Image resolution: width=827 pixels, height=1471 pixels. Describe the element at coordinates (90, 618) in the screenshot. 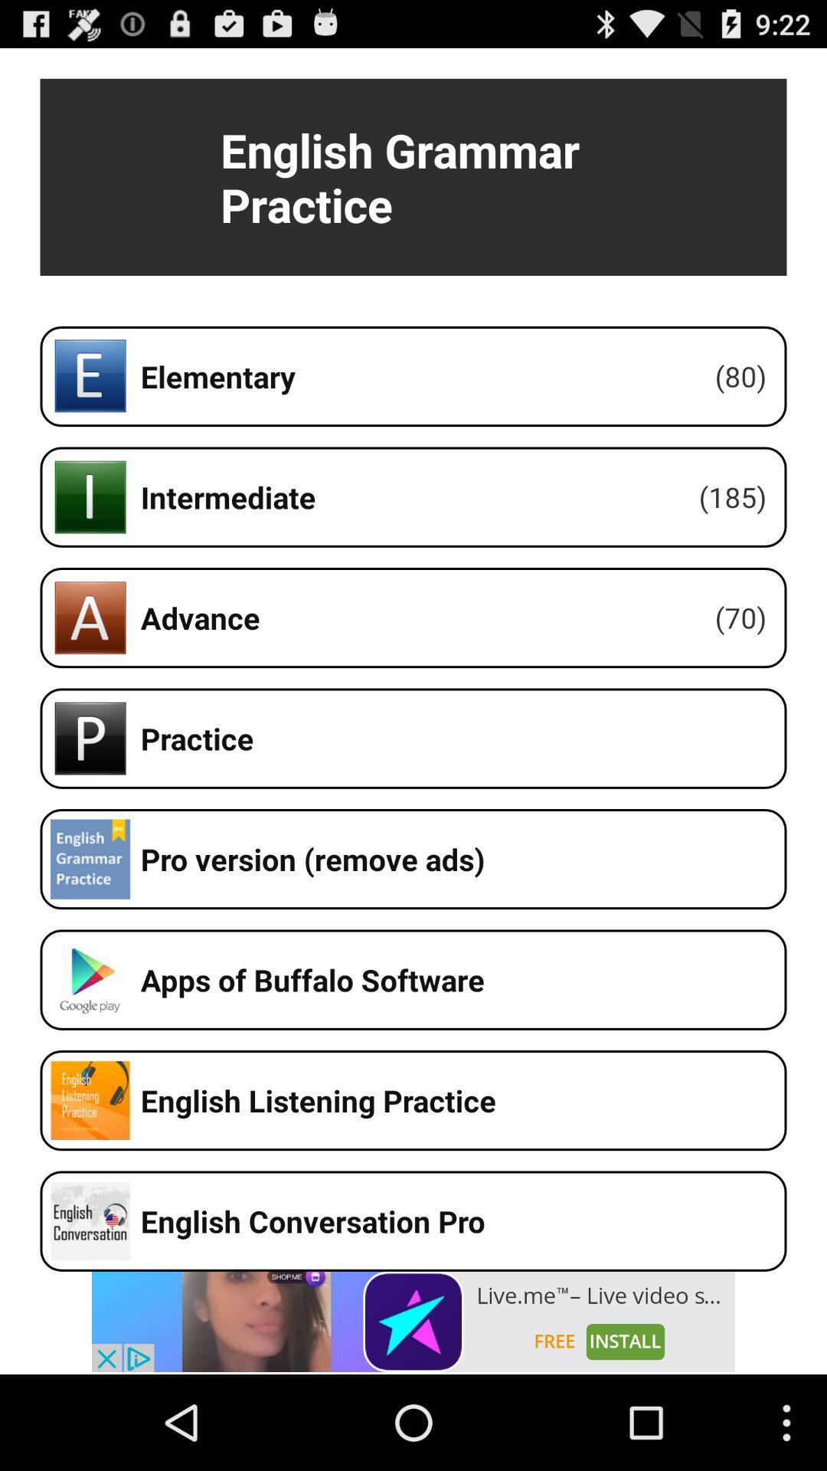

I see `a logo left to advance` at that location.